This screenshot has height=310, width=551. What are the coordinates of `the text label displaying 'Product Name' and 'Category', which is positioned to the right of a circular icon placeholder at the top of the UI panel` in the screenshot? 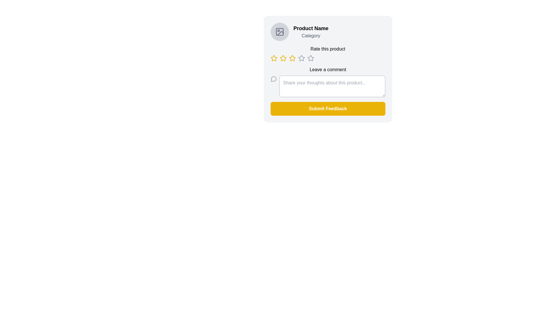 It's located at (311, 32).